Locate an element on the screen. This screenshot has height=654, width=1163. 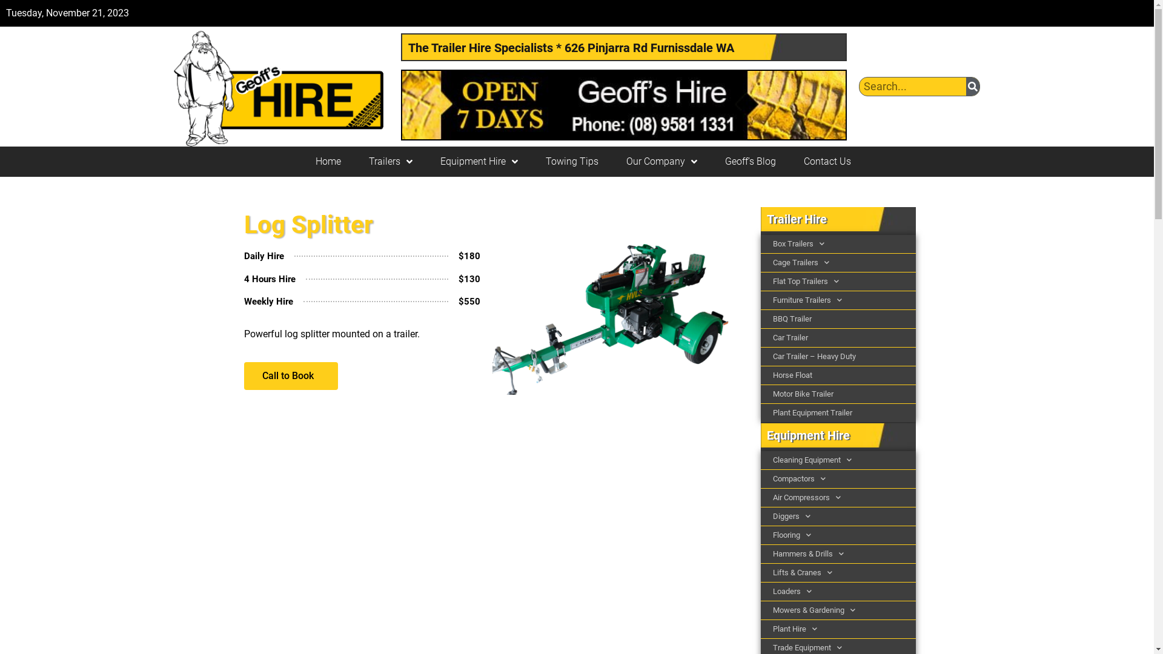
'Air Compressors' is located at coordinates (837, 497).